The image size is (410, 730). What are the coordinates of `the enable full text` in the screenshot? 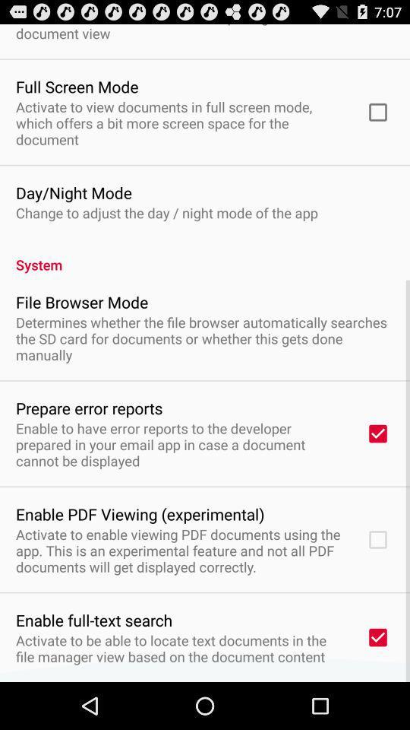 It's located at (94, 620).